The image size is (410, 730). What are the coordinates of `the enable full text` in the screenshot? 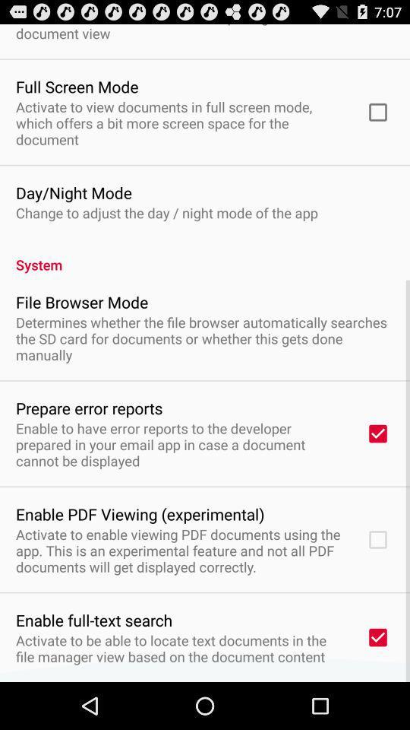 It's located at (94, 620).